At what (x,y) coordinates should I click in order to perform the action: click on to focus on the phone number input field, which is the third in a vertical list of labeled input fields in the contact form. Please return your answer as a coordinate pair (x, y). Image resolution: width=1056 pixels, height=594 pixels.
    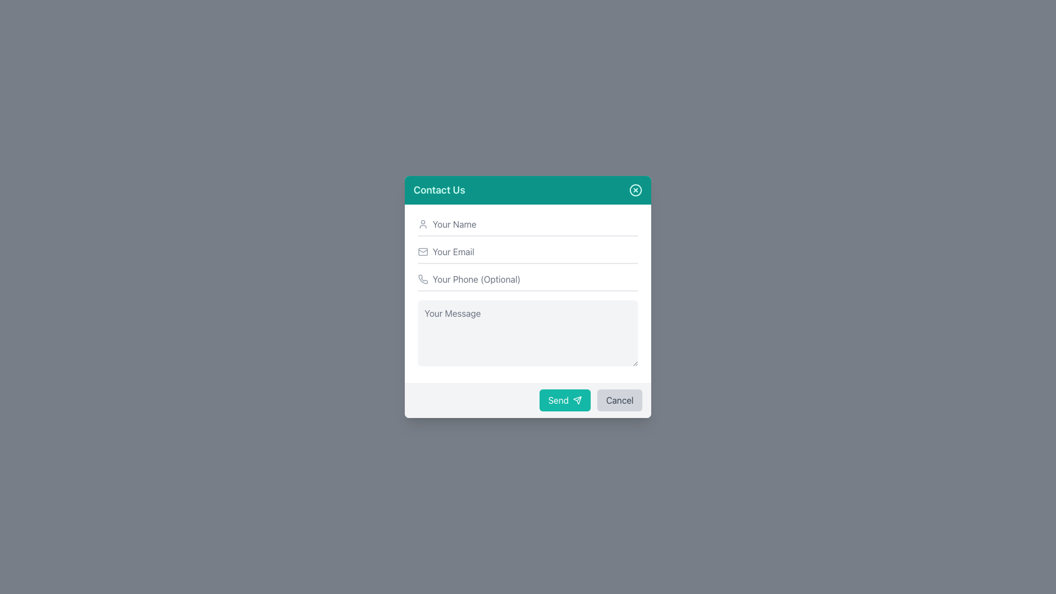
    Looking at the image, I should click on (528, 282).